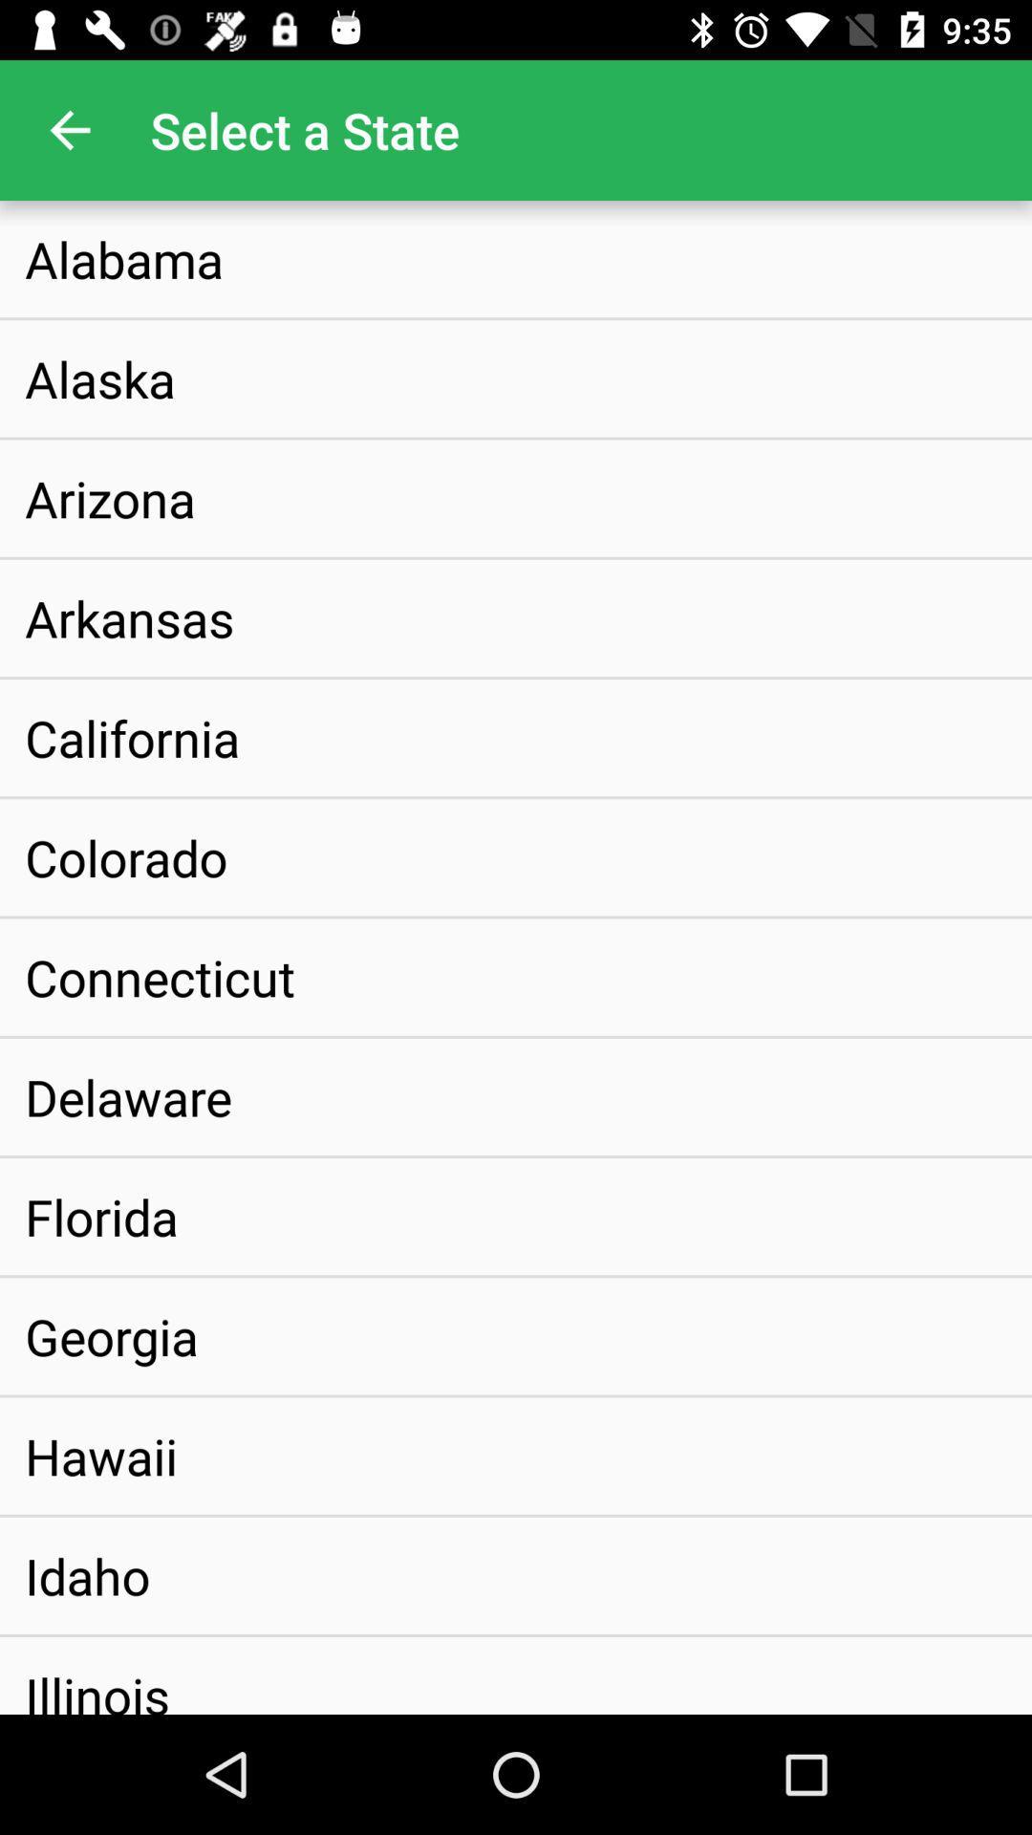 The image size is (1032, 1835). I want to click on the icon above california icon, so click(129, 617).